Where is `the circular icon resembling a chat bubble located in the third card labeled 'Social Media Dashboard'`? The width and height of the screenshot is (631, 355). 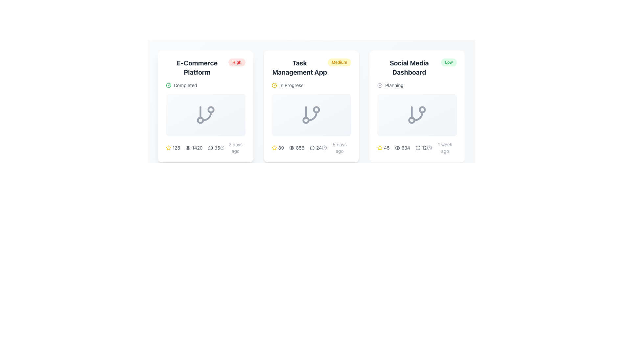 the circular icon resembling a chat bubble located in the third card labeled 'Social Media Dashboard' is located at coordinates (417, 148).